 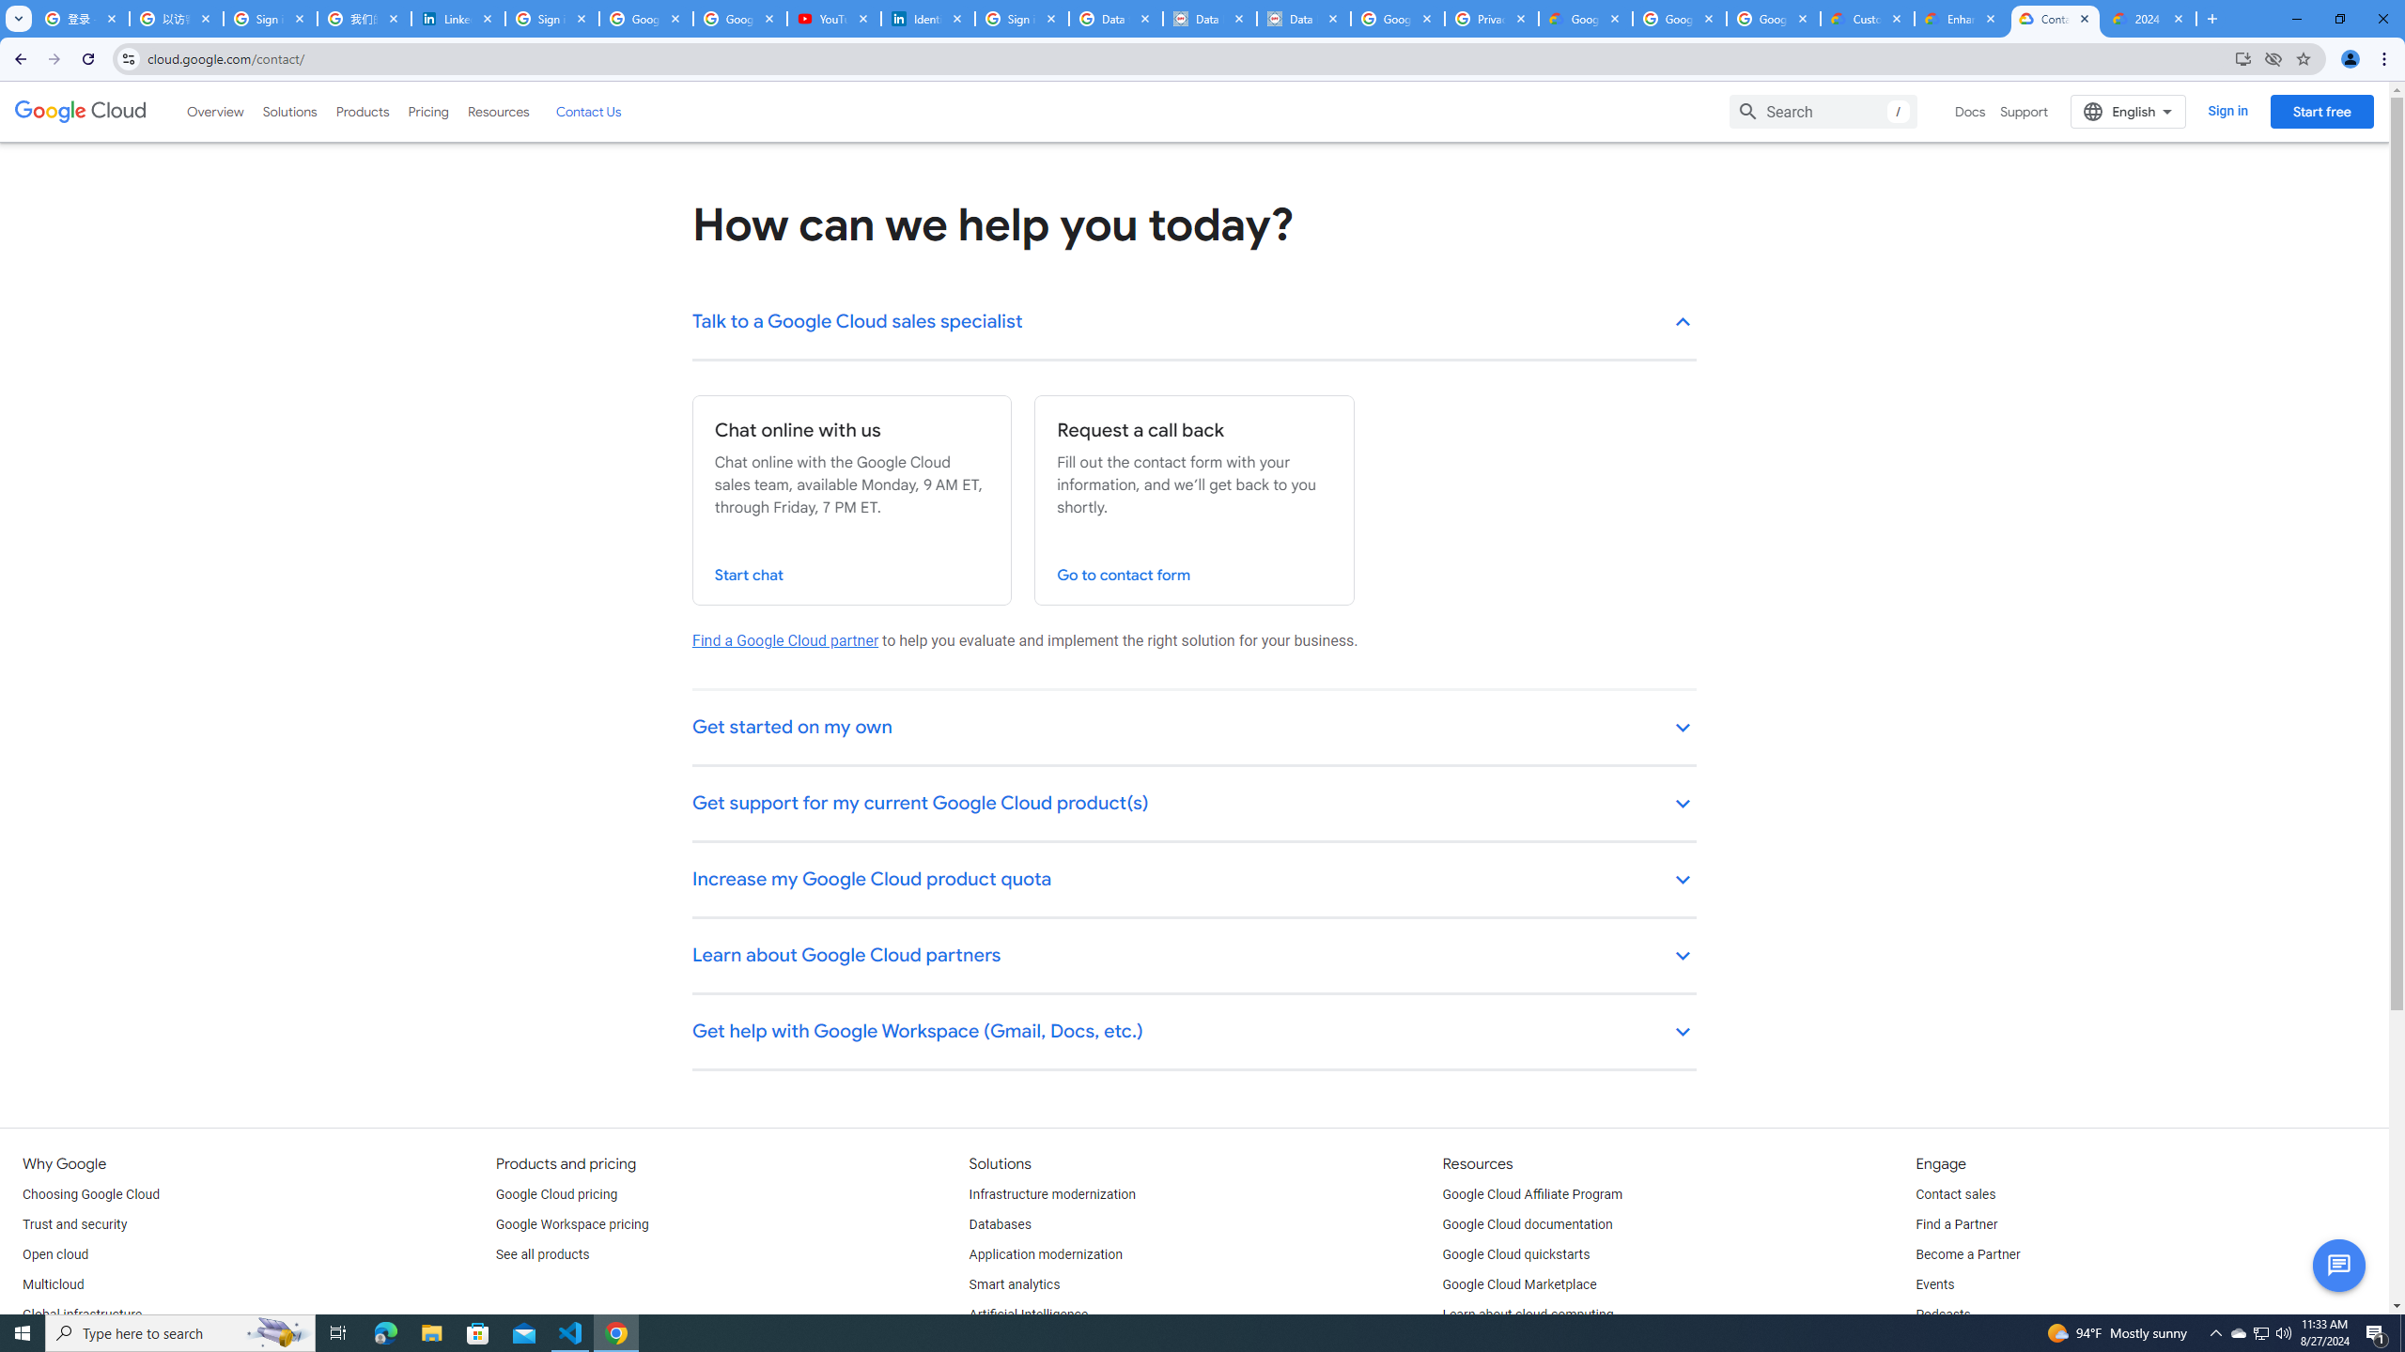 I want to click on 'Data Privacy Framework', so click(x=1302, y=18).